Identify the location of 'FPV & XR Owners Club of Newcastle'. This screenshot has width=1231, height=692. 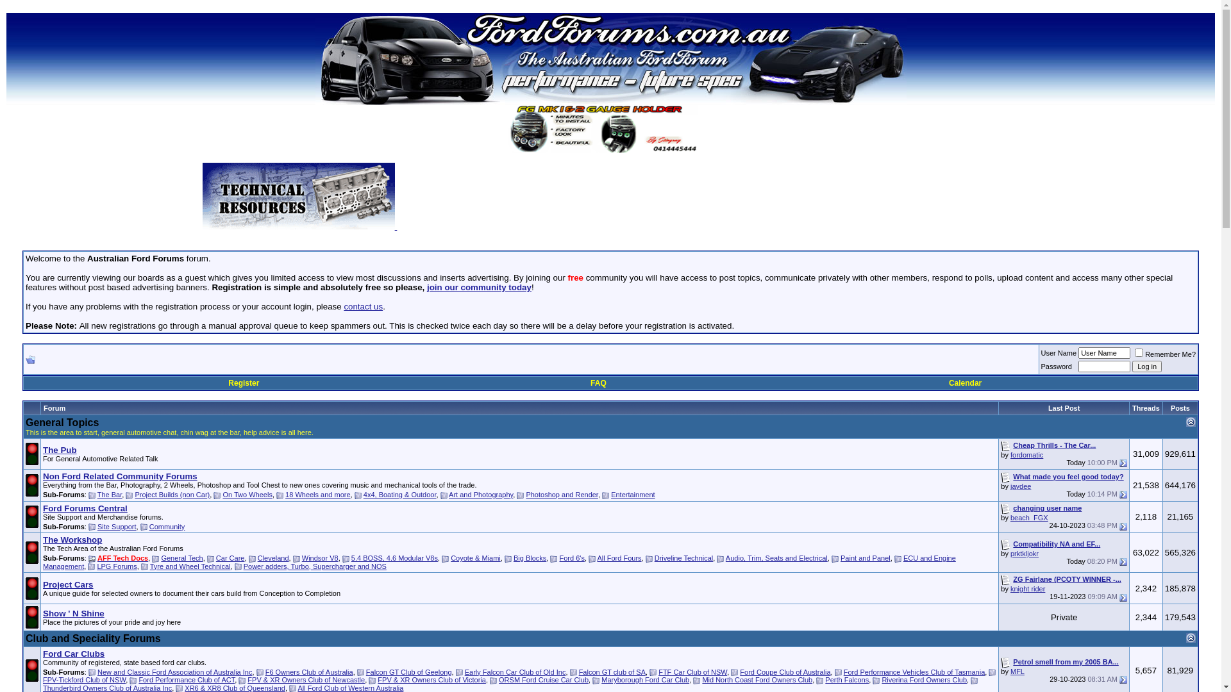
(247, 679).